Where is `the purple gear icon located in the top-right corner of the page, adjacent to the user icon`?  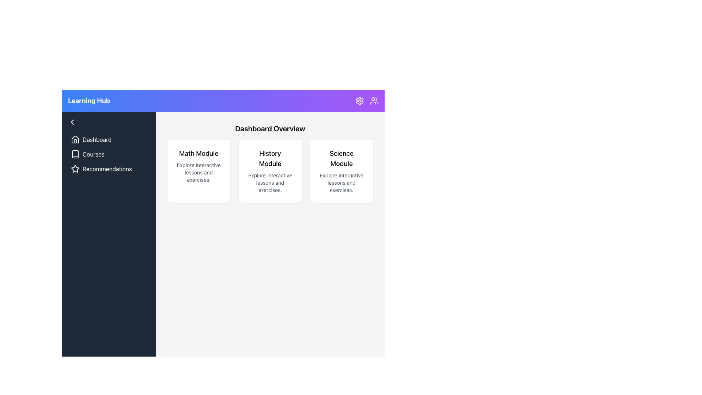 the purple gear icon located in the top-right corner of the page, adjacent to the user icon is located at coordinates (359, 101).